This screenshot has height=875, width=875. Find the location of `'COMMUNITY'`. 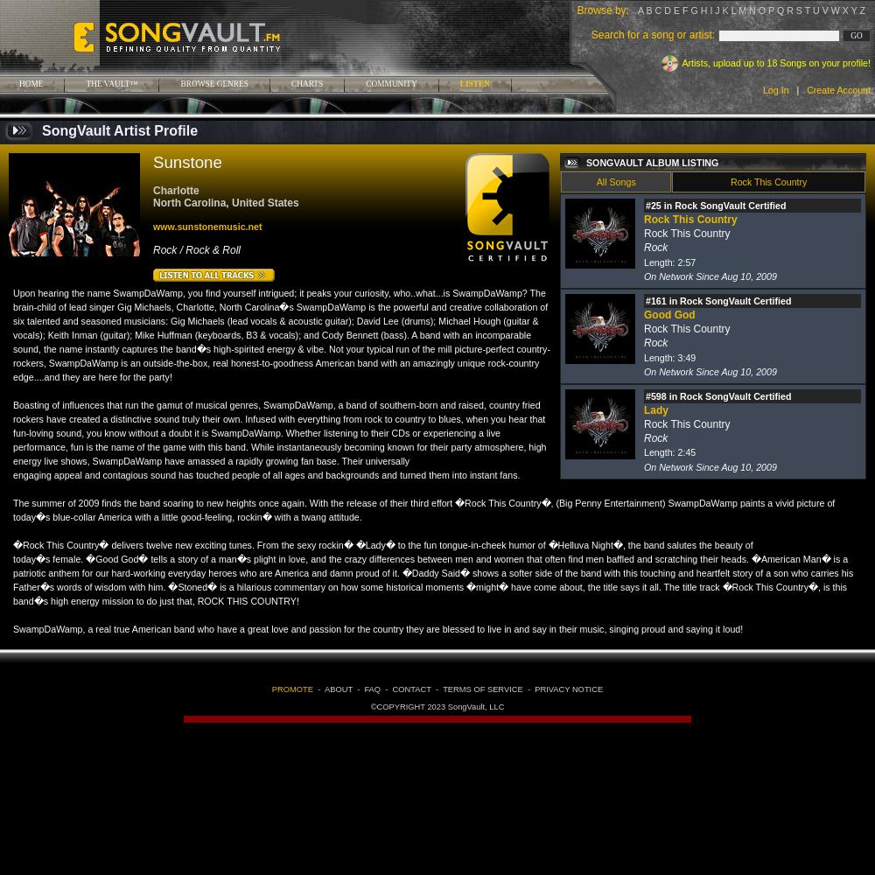

'COMMUNITY' is located at coordinates (390, 83).